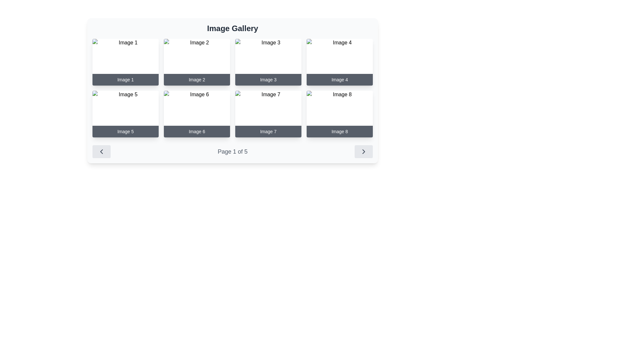  What do you see at coordinates (196, 113) in the screenshot?
I see `the Image card labeled 'Image 6', which is the sixth card in a 4x2 grid layout, positioned in the second row and second column` at bounding box center [196, 113].